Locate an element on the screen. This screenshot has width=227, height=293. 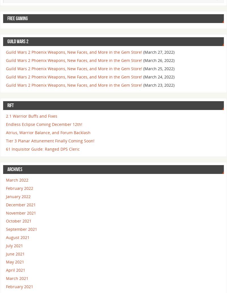
'(March 25, 2022)' is located at coordinates (159, 68).